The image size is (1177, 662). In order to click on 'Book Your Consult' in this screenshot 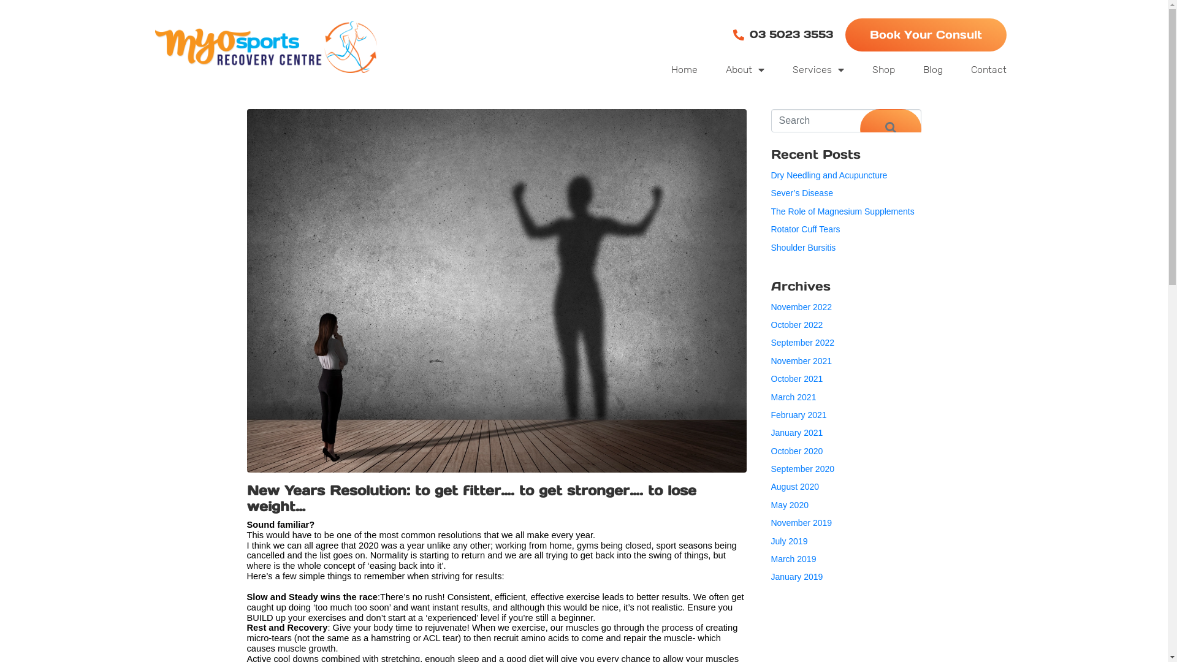, I will do `click(926, 34)`.